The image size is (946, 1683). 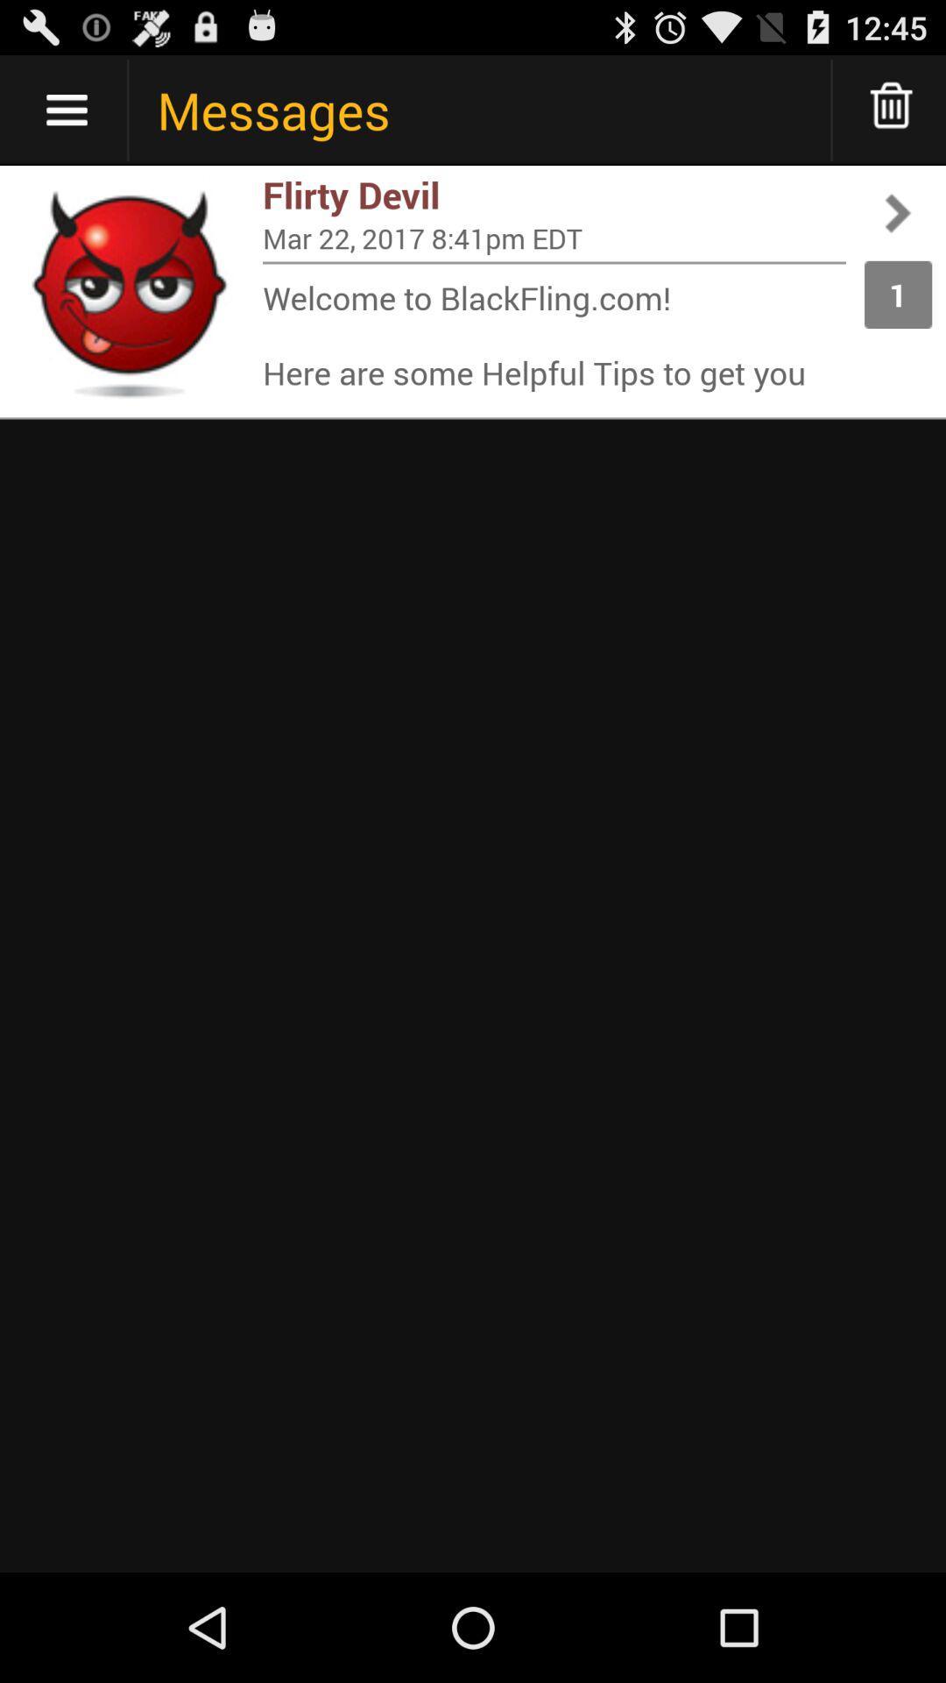 What do you see at coordinates (892, 109) in the screenshot?
I see `delete message` at bounding box center [892, 109].